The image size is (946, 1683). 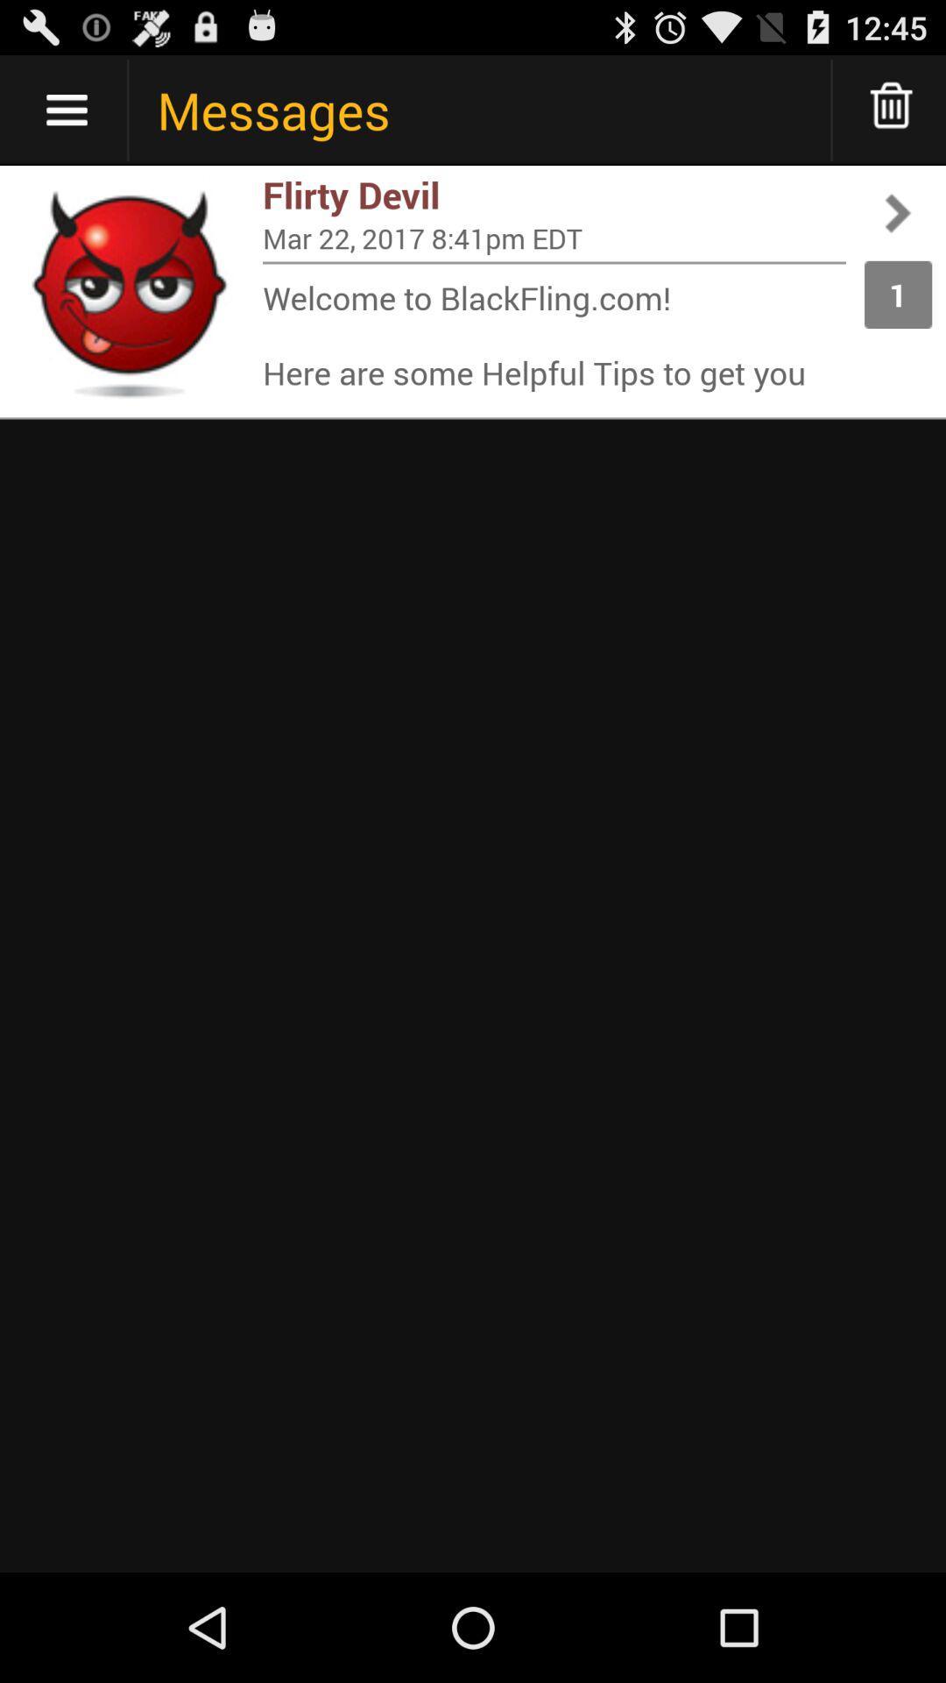 What do you see at coordinates (892, 109) in the screenshot?
I see `delete message` at bounding box center [892, 109].